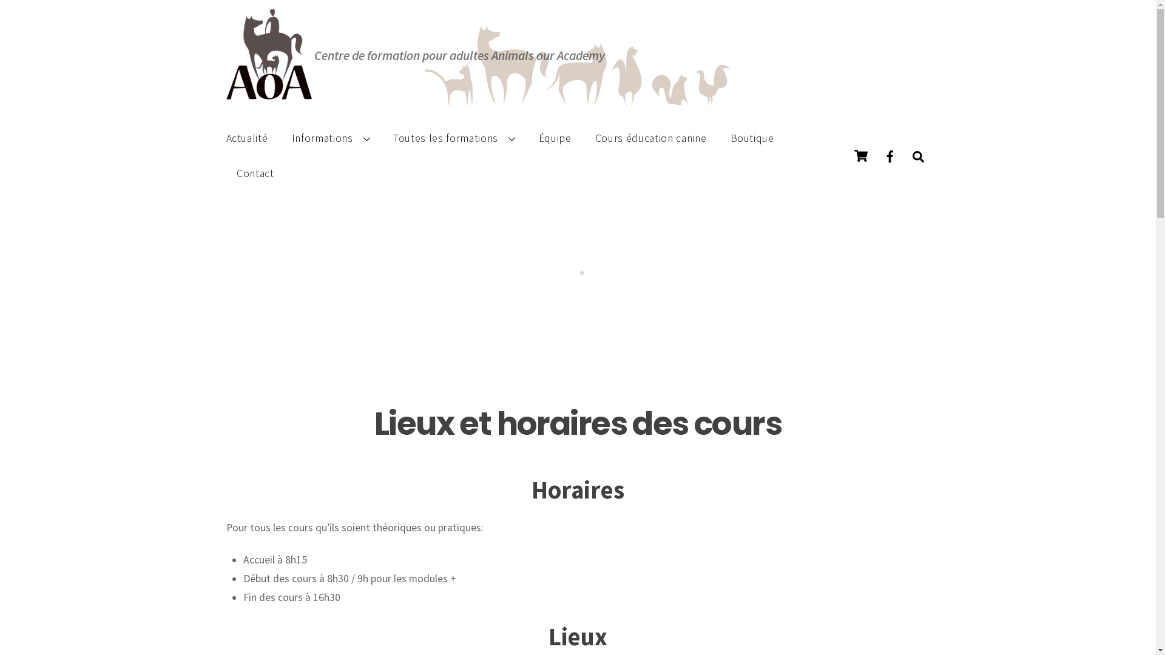 The image size is (1165, 655). What do you see at coordinates (254, 173) in the screenshot?
I see `'Contact'` at bounding box center [254, 173].